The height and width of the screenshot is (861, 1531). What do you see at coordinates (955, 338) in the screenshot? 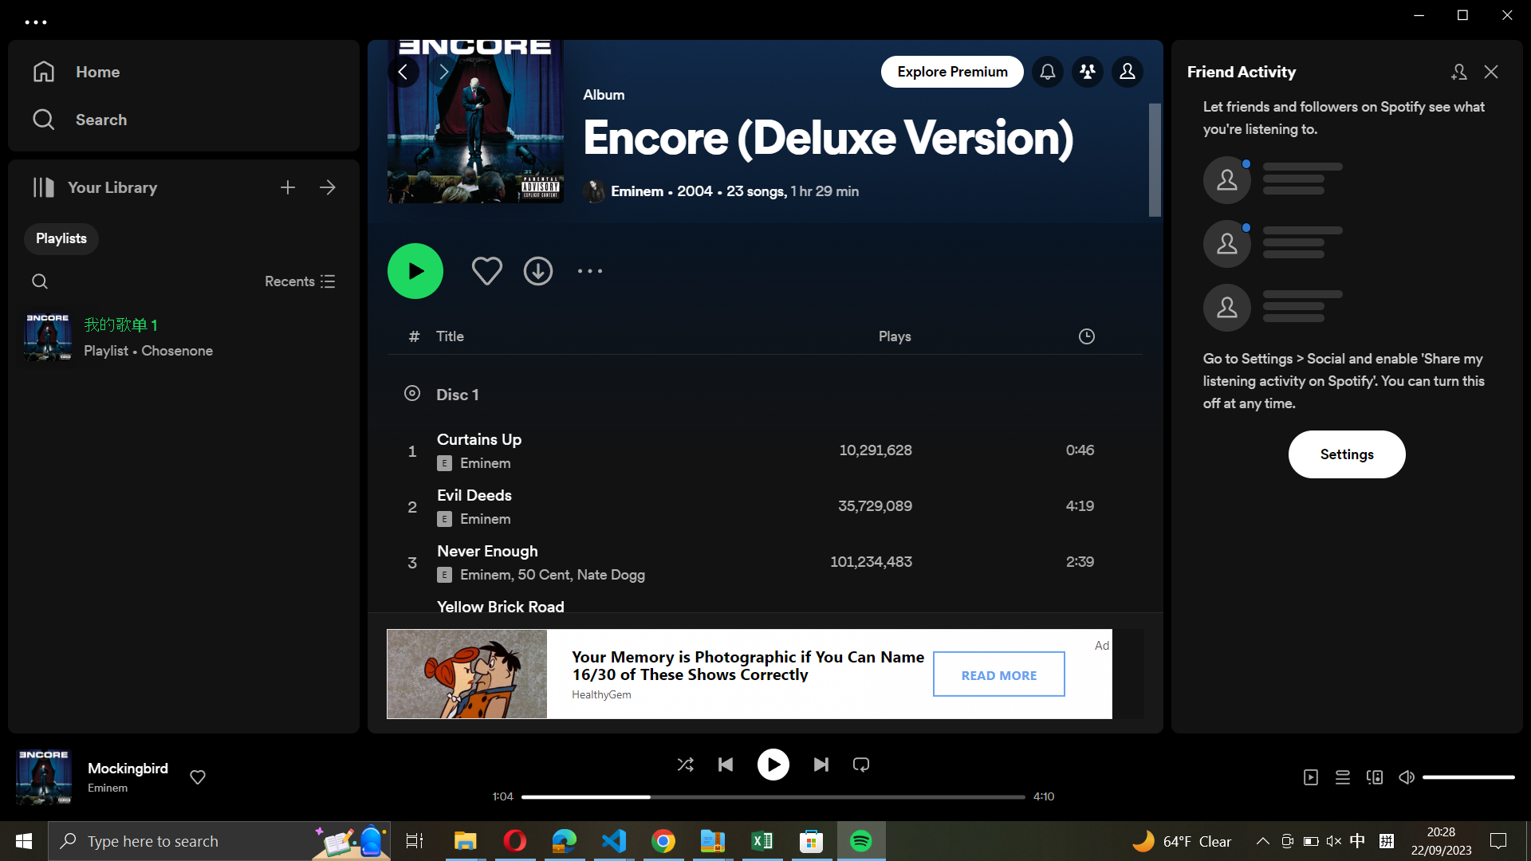
I see `Rearrange the song list by quantity of plays` at bounding box center [955, 338].